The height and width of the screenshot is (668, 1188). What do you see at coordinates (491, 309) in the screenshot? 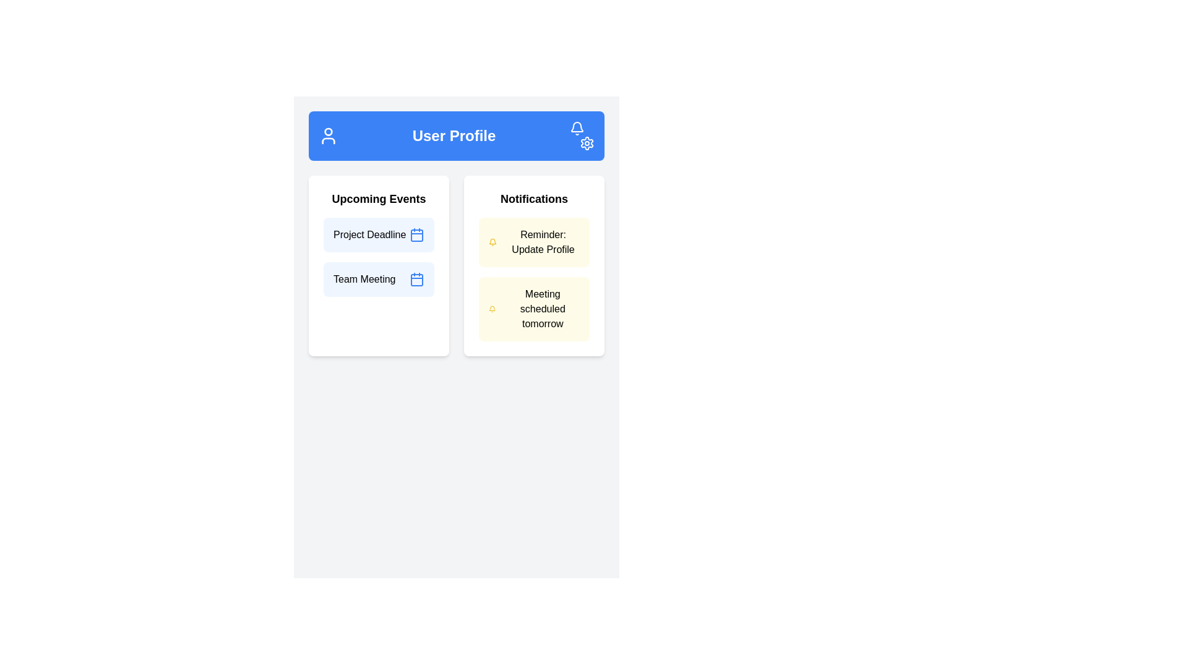
I see `the yellow bell icon in the second notification card of the 'Notifications' section` at bounding box center [491, 309].